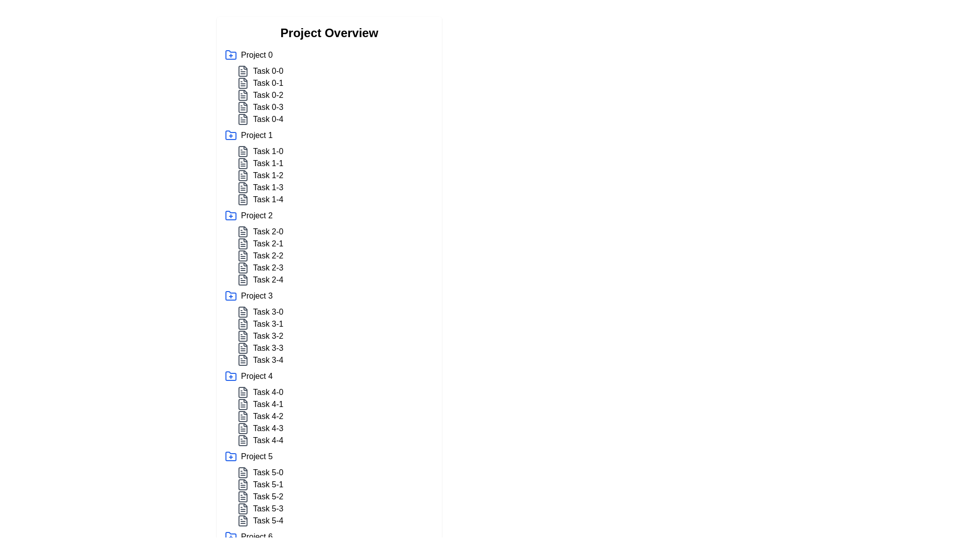  What do you see at coordinates (335, 244) in the screenshot?
I see `the text label representing a task within the 'Project 2' category, which is the second item in the list, positioned below 'Task 2-0' and above 'Task 2-2'` at bounding box center [335, 244].